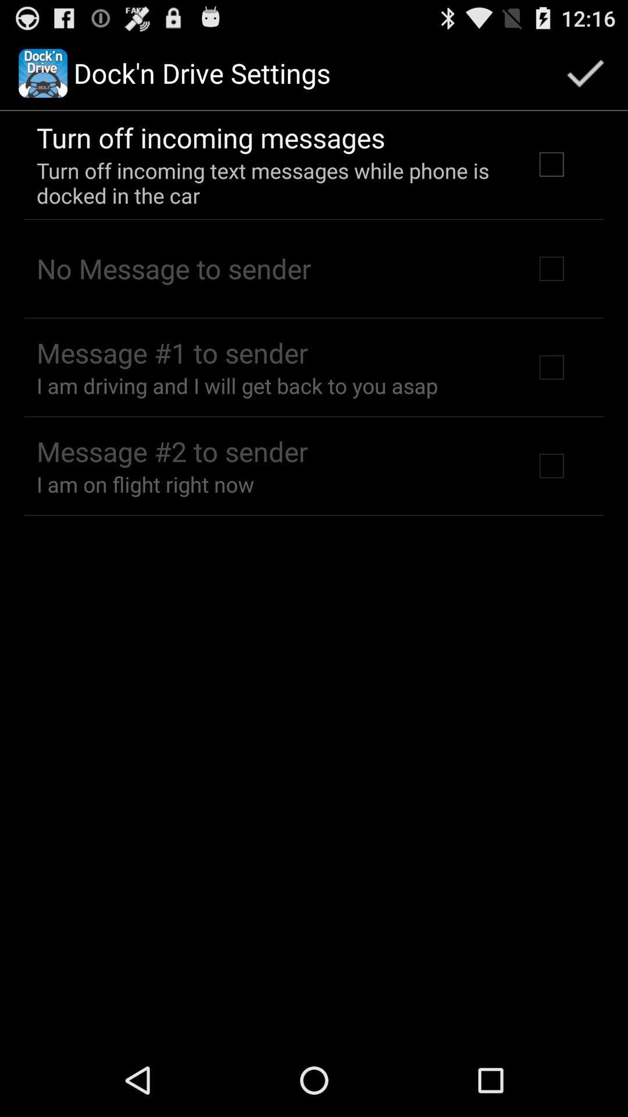 The width and height of the screenshot is (628, 1117). What do you see at coordinates (585, 72) in the screenshot?
I see `the app to the right of turn off incoming icon` at bounding box center [585, 72].